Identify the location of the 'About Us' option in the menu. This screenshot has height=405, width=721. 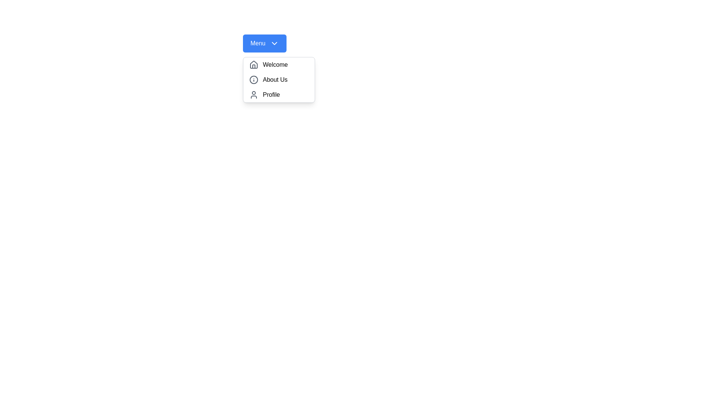
(279, 79).